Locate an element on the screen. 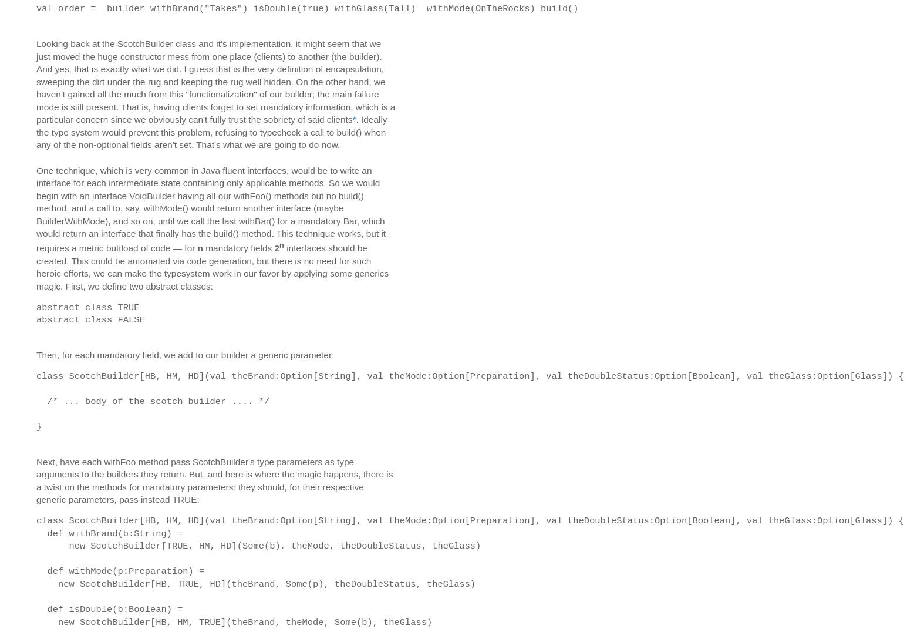 The height and width of the screenshot is (629, 907). 'def withBrand(b:String) =' is located at coordinates (112, 533).